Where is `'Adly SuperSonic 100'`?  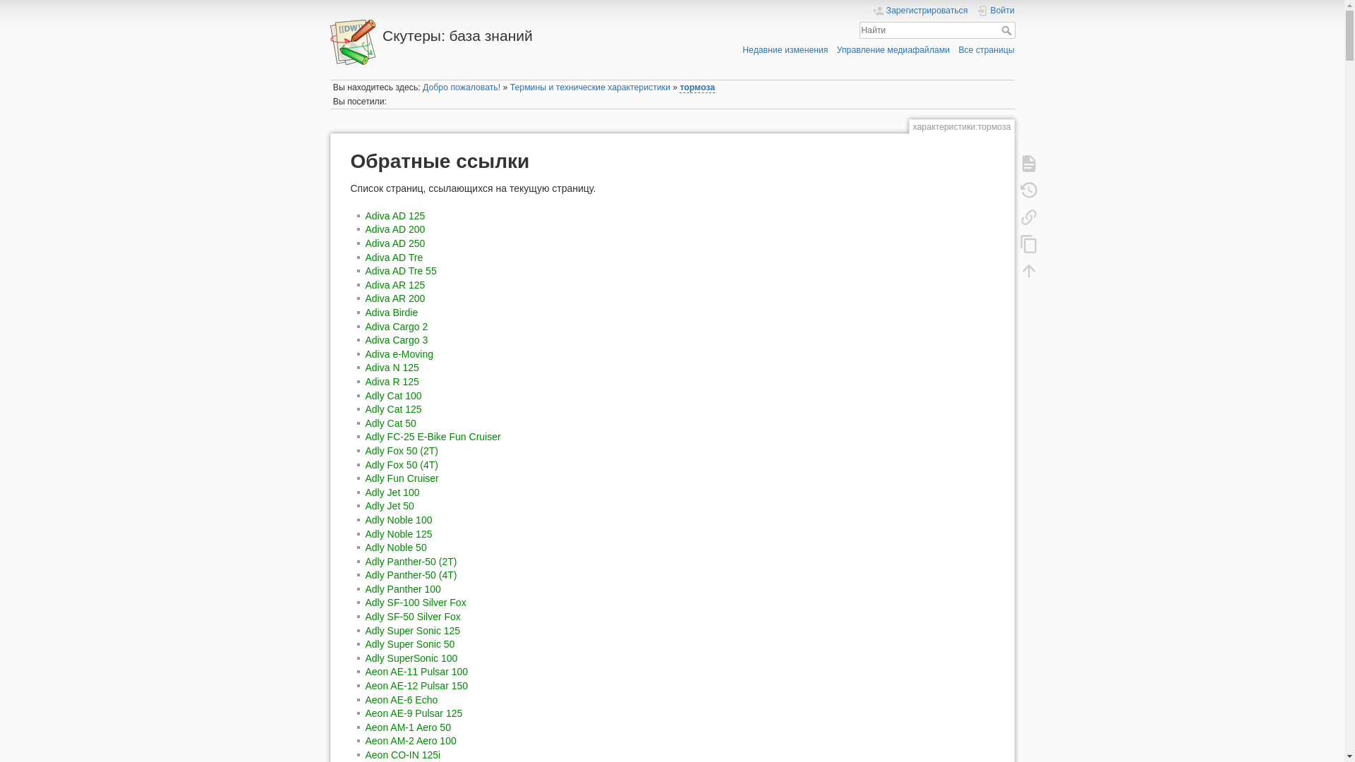 'Adly SuperSonic 100' is located at coordinates (411, 658).